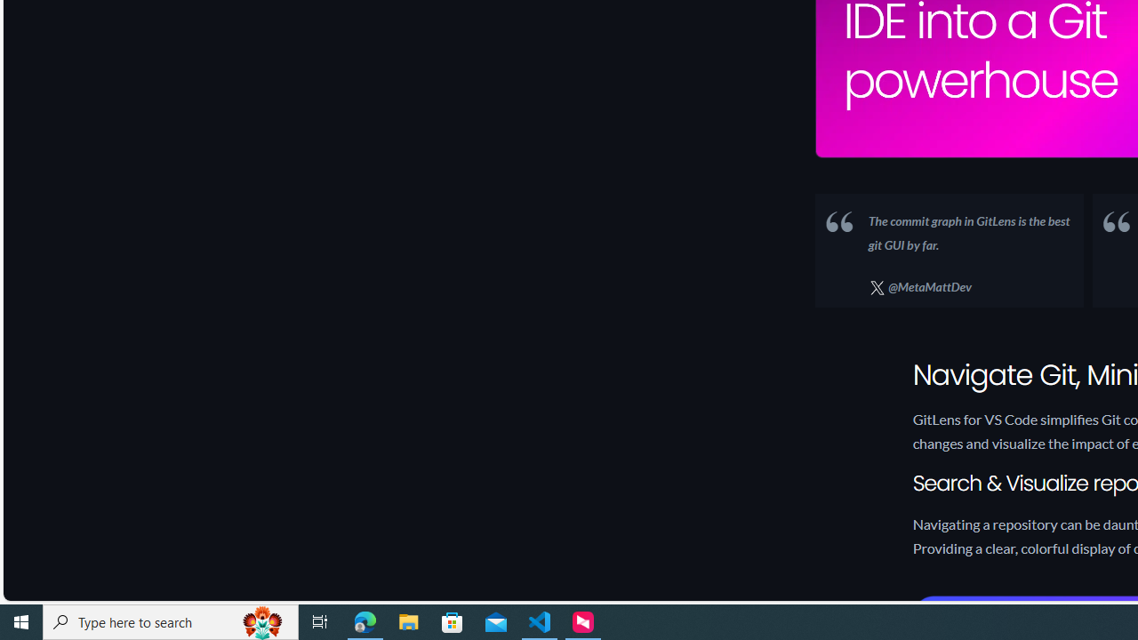  Describe the element at coordinates (539, 620) in the screenshot. I see `'Visual Studio Code - 1 running window'` at that location.